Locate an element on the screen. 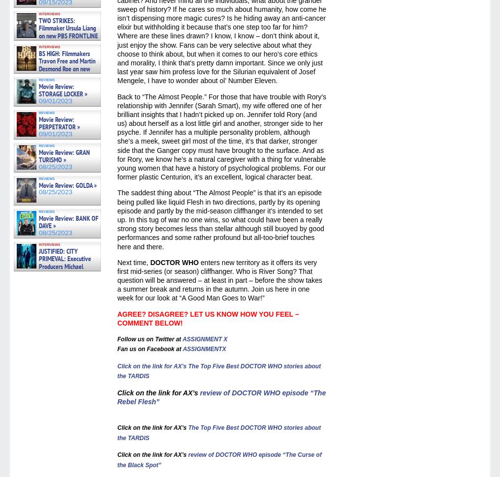 Image resolution: width=500 pixels, height=477 pixels. 'Movie Review: GOLDA »' is located at coordinates (67, 184).